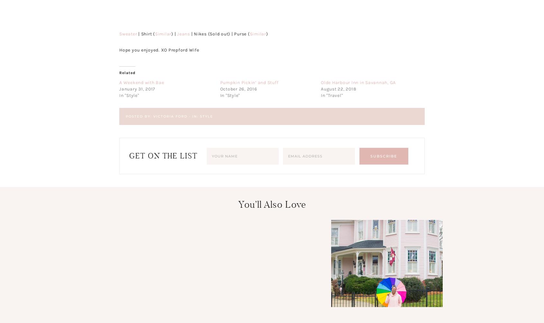 Image resolution: width=544 pixels, height=323 pixels. Describe the element at coordinates (195, 116) in the screenshot. I see `'In:'` at that location.